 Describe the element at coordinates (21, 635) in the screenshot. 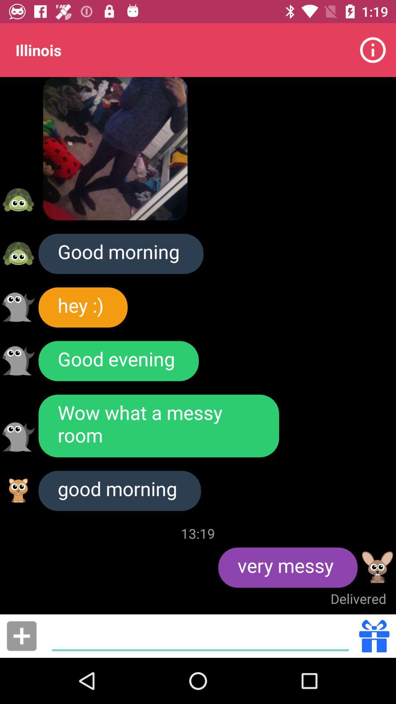

I see `feature` at that location.